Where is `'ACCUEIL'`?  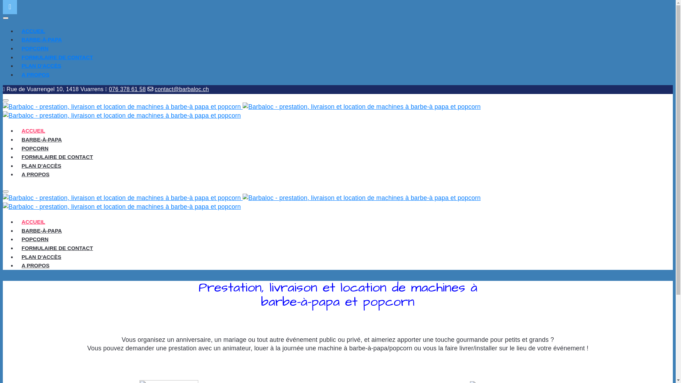
'ACCUEIL' is located at coordinates (17, 131).